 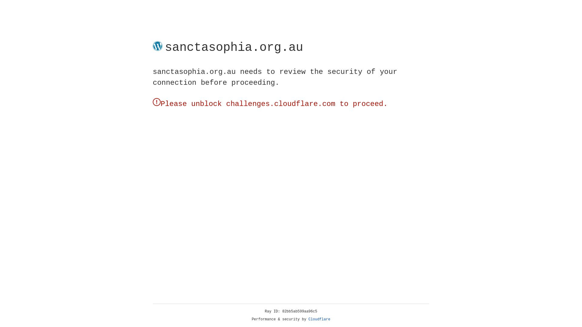 I want to click on 'Cloudflare', so click(x=308, y=319).